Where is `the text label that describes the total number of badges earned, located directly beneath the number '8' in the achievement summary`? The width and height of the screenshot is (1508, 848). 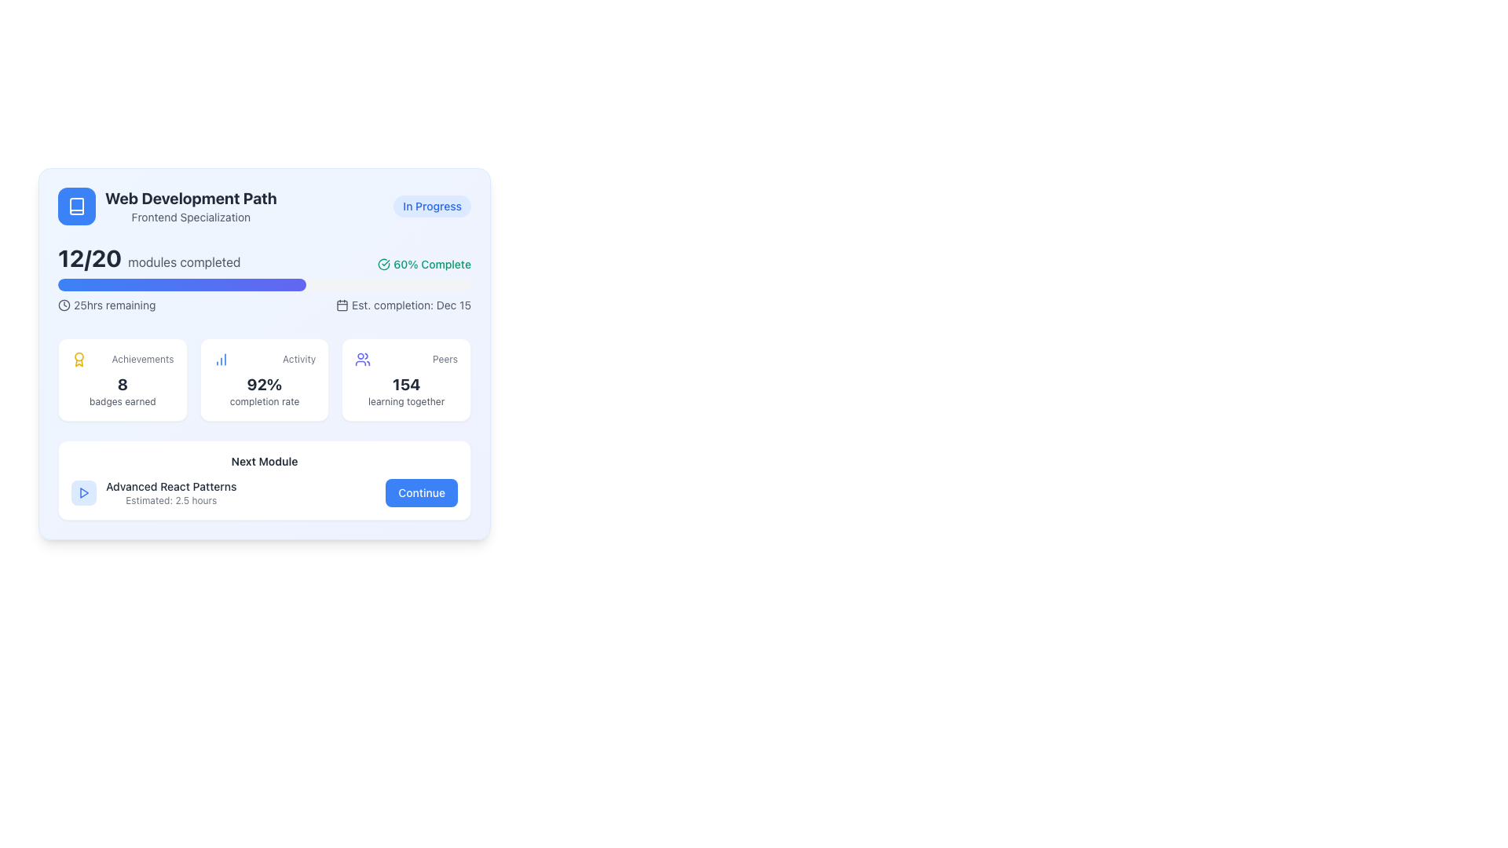 the text label that describes the total number of badges earned, located directly beneath the number '8' in the achievement summary is located at coordinates (122, 401).